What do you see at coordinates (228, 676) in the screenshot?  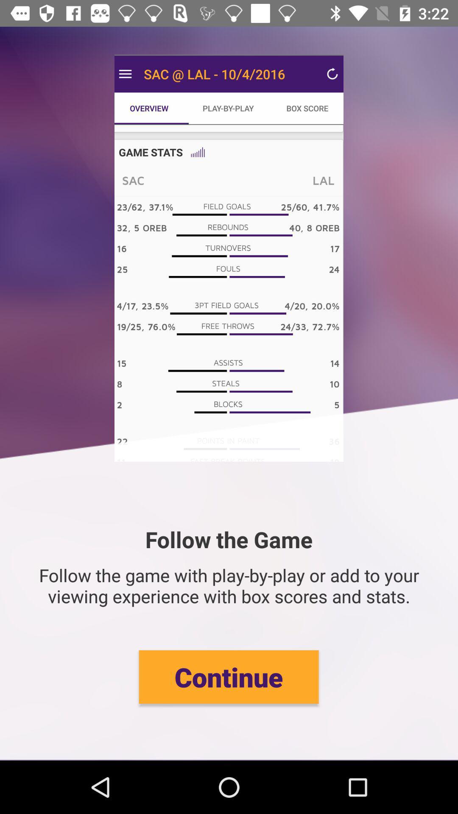 I see `the continue` at bounding box center [228, 676].